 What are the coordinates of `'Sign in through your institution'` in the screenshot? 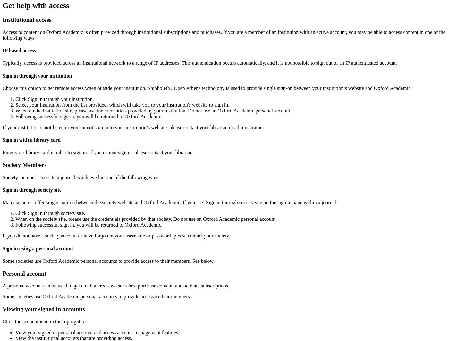 It's located at (2, 75).